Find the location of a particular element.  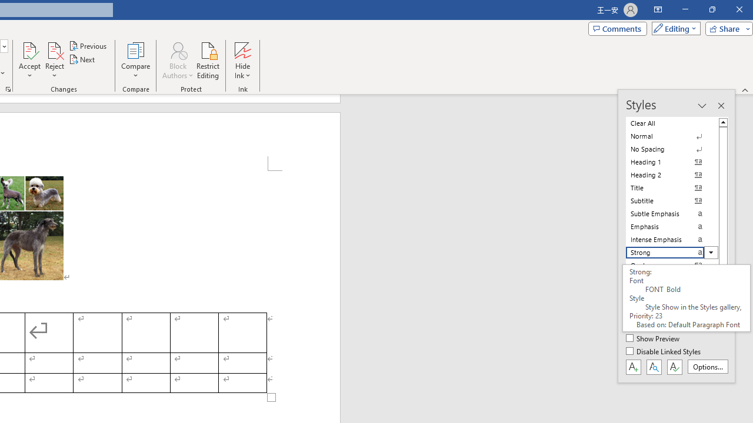

'Class: NetUIButton' is located at coordinates (674, 366).